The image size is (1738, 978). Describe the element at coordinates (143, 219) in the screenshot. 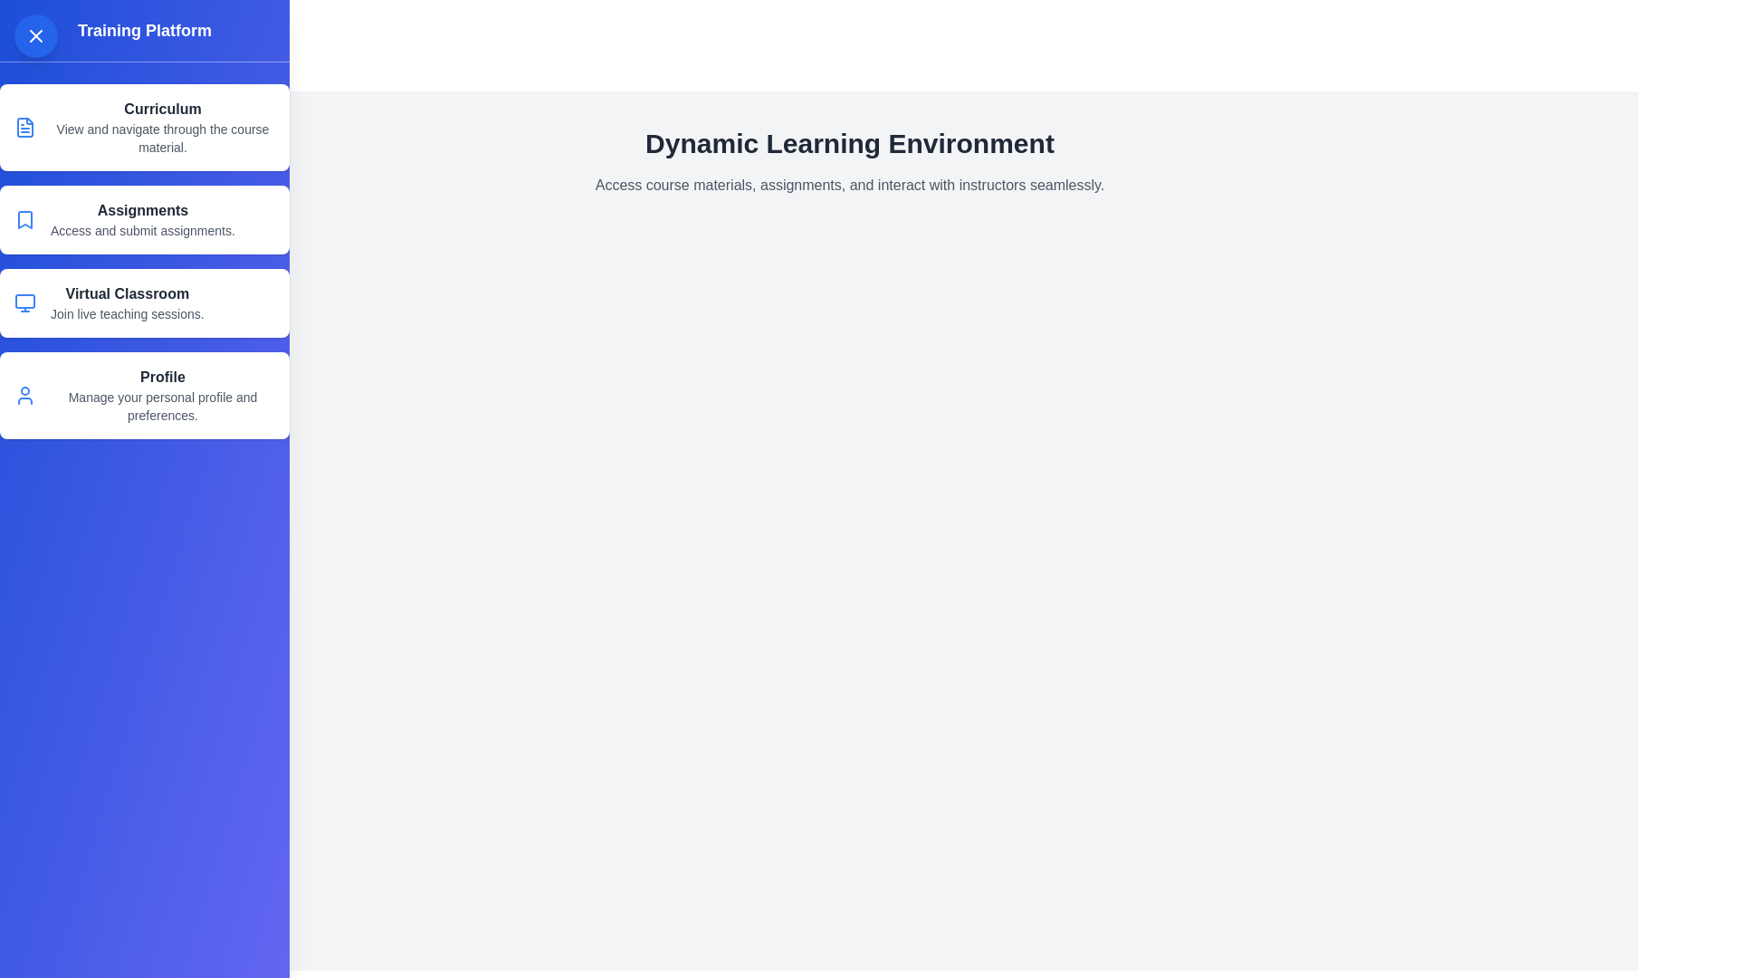

I see `the menu item Assignments from the drawer` at that location.